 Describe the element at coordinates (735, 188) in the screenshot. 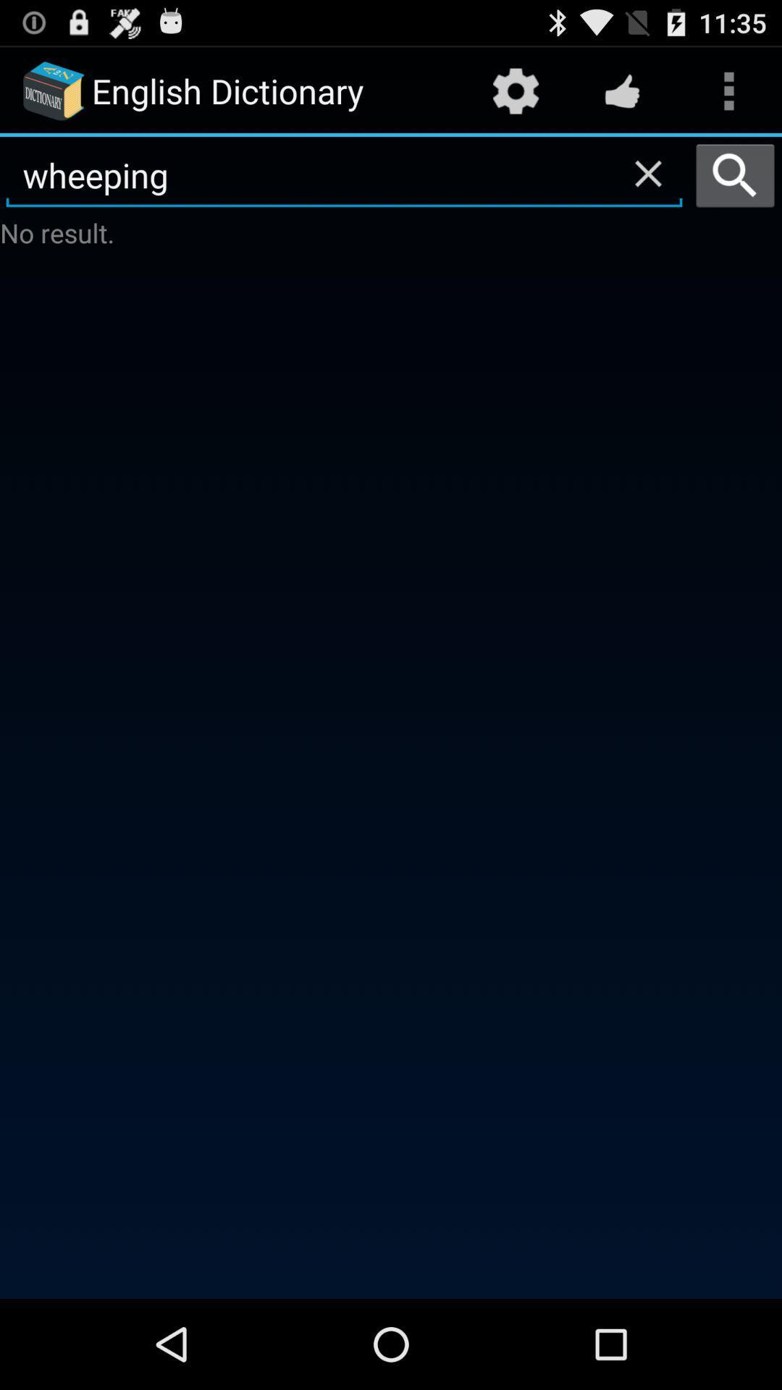

I see `the search icon` at that location.